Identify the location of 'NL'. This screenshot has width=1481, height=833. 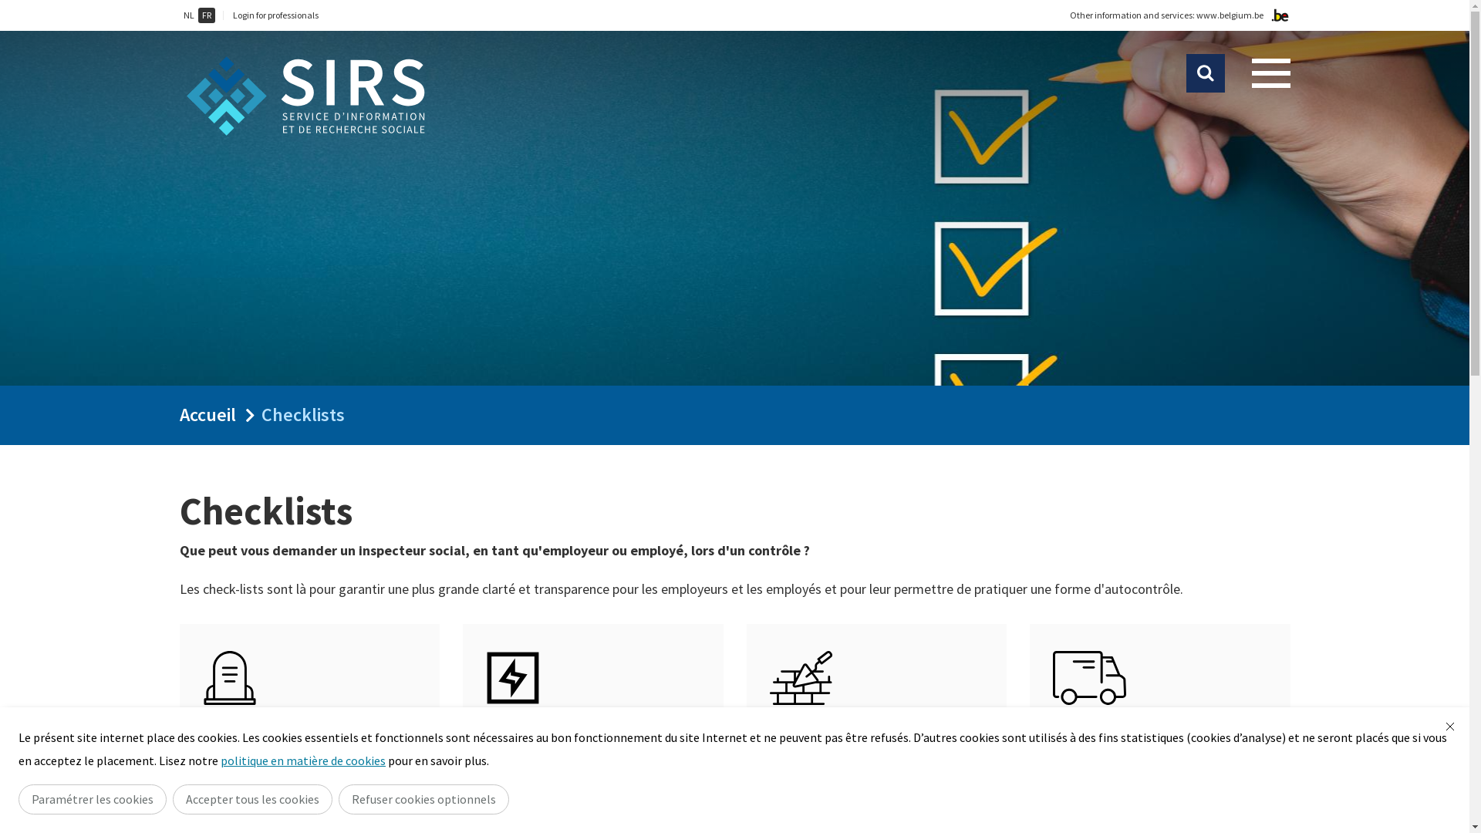
(187, 15).